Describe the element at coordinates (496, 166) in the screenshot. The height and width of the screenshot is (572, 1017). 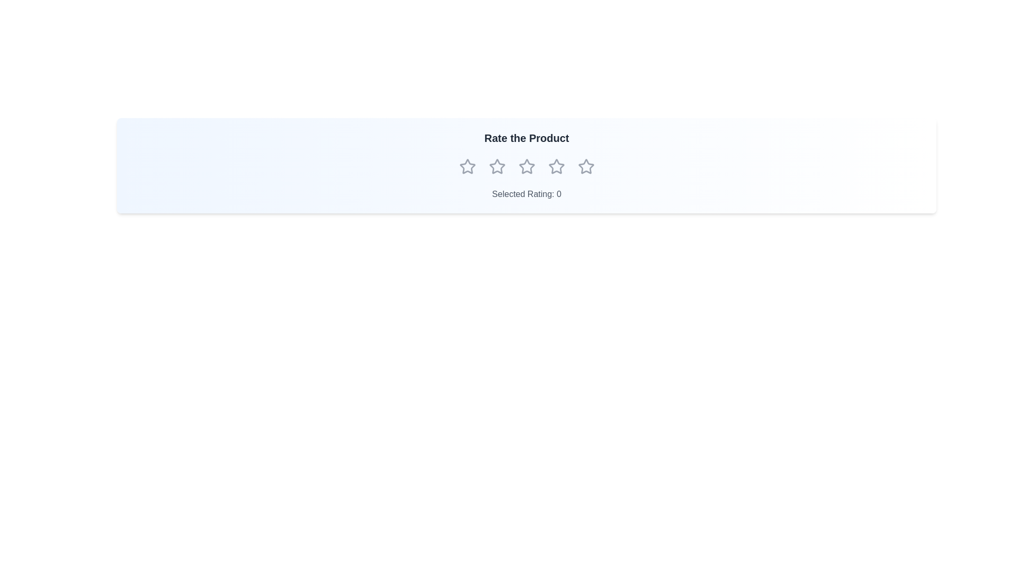
I see `the star icon representing a rating of two out of five, located under the label 'Rate the Product.'` at that location.